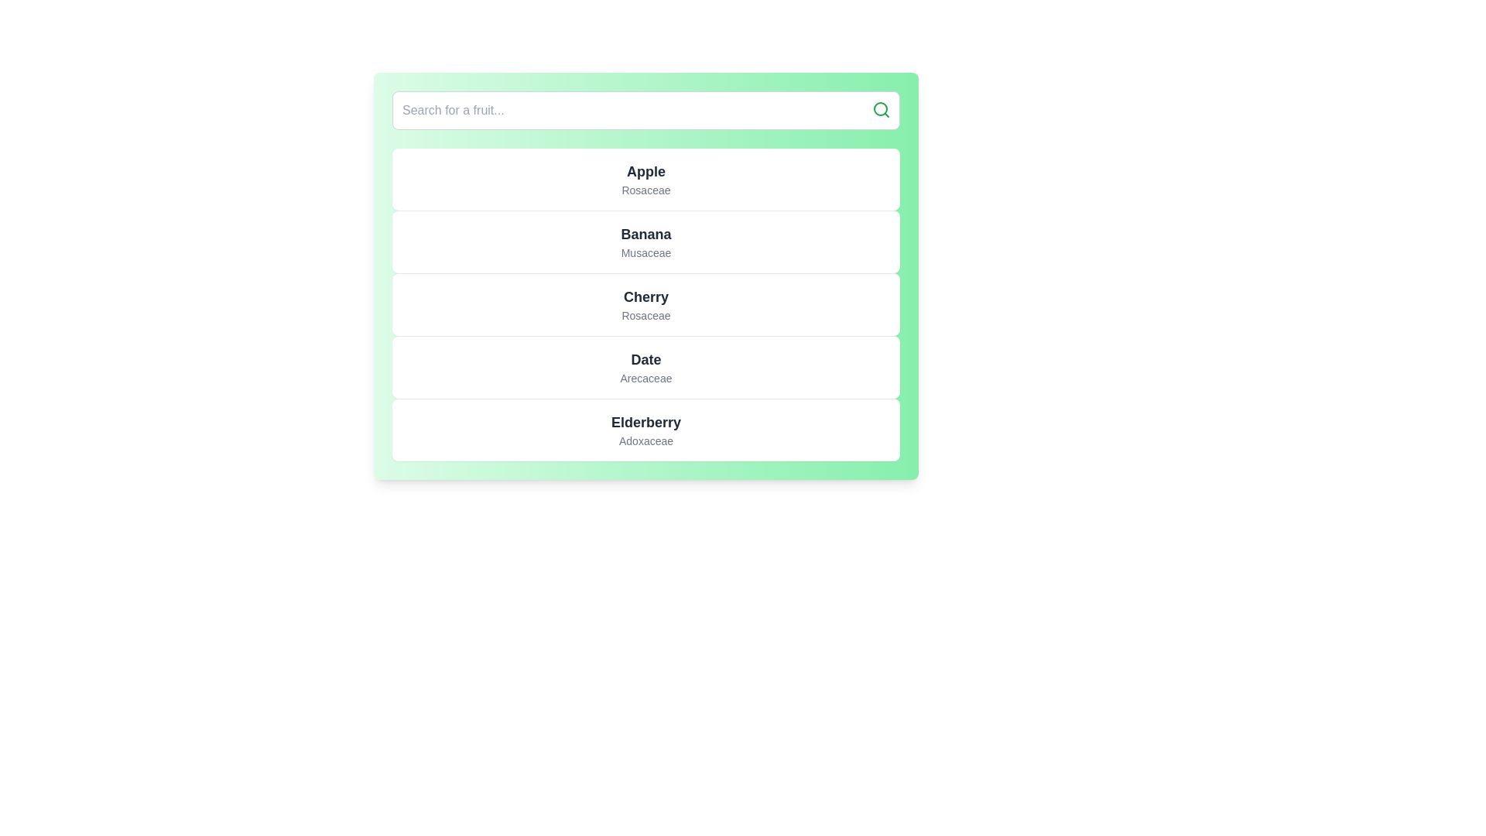 Image resolution: width=1486 pixels, height=836 pixels. Describe the element at coordinates (646, 367) in the screenshot. I see `the fourth item in the fruit selection list, which is labeled 'Date'` at that location.